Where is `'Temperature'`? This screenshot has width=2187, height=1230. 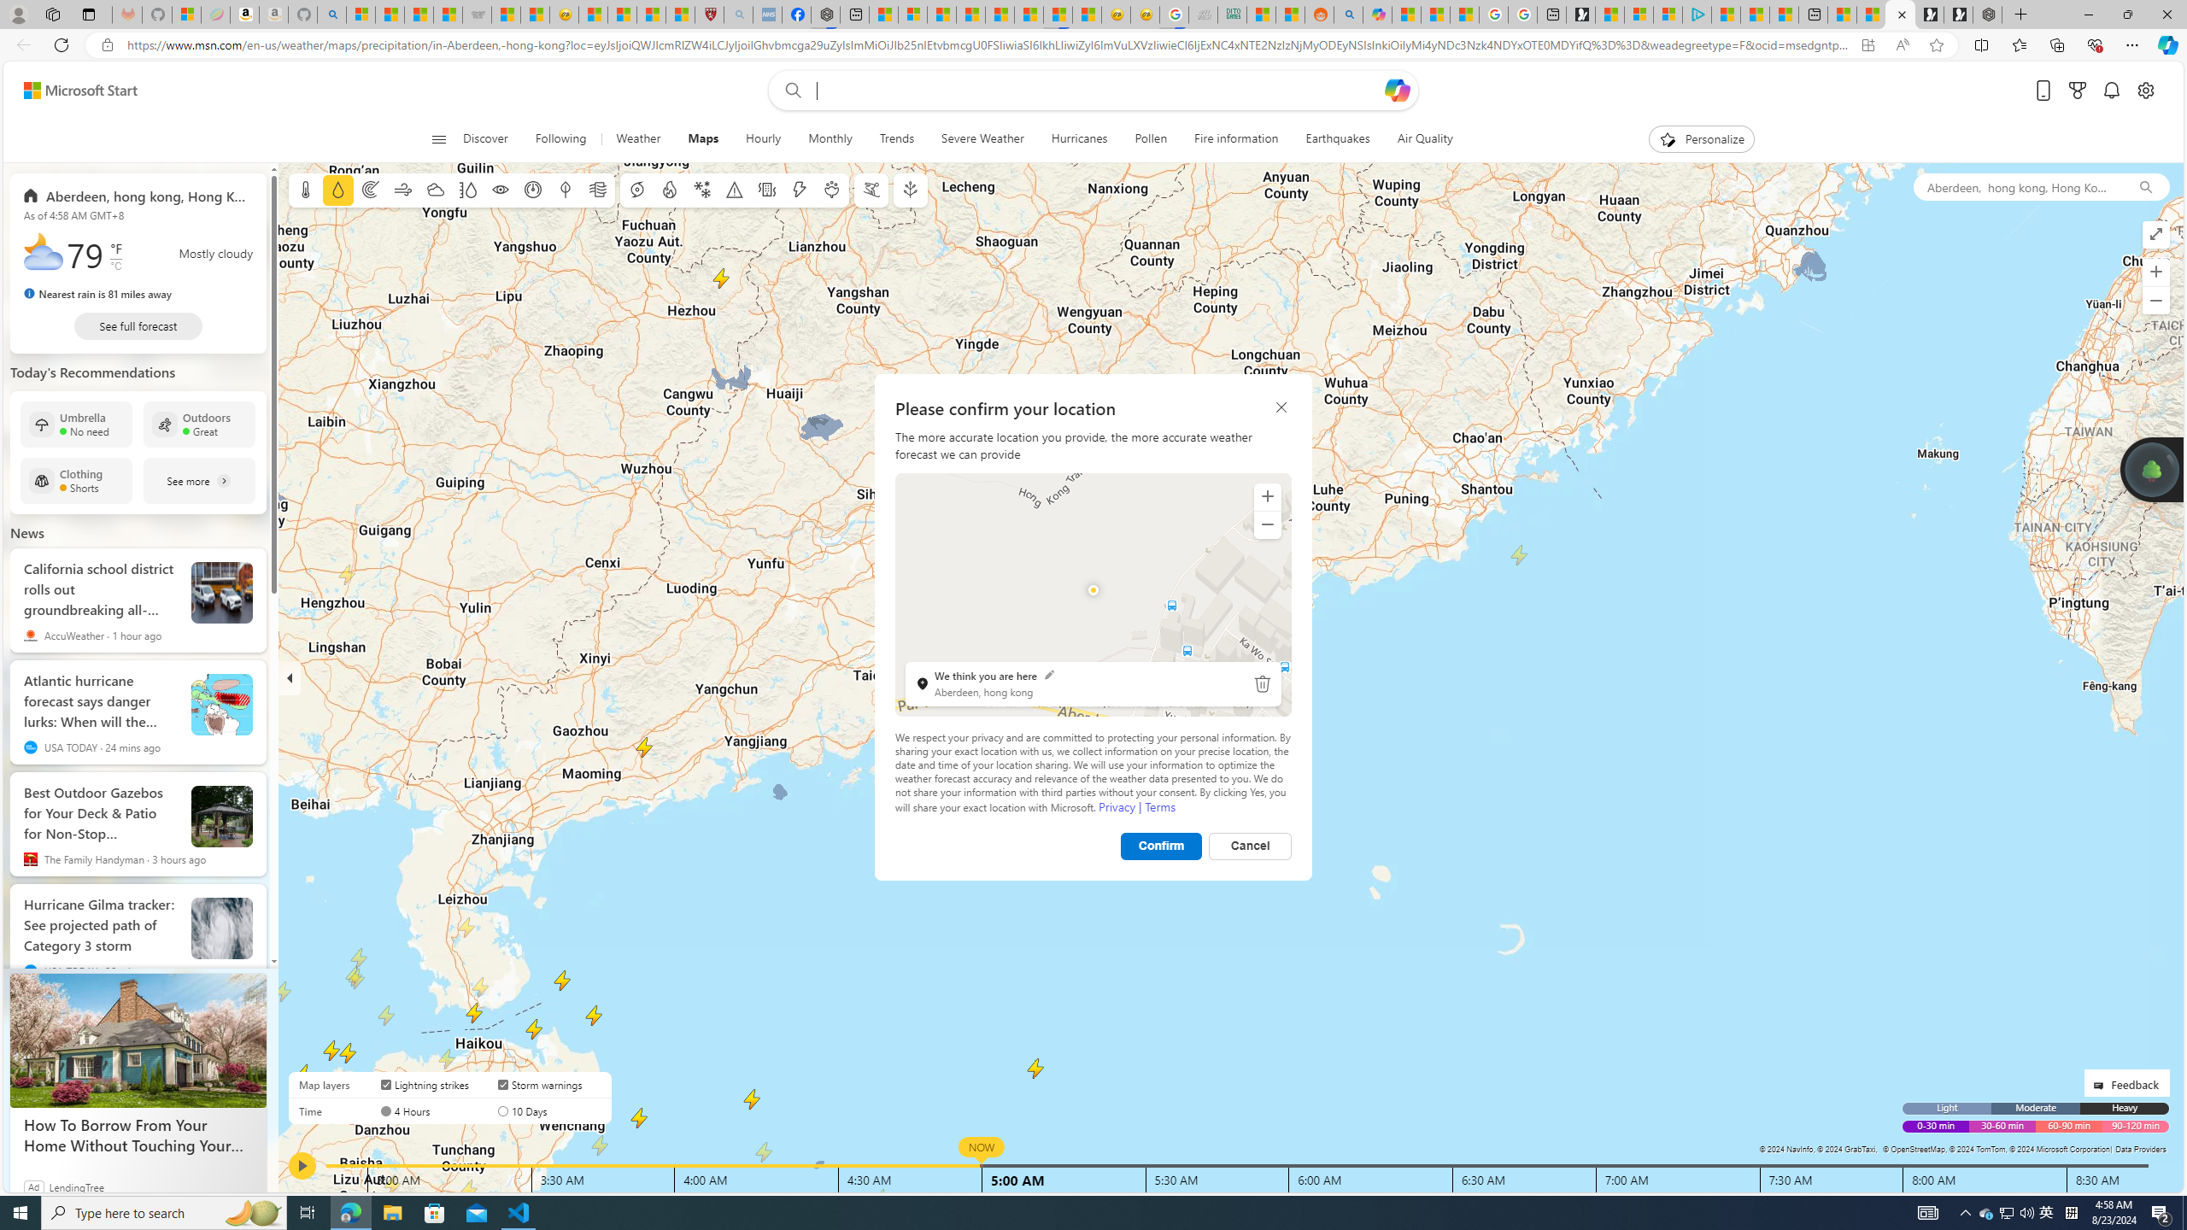
'Temperature' is located at coordinates (306, 190).